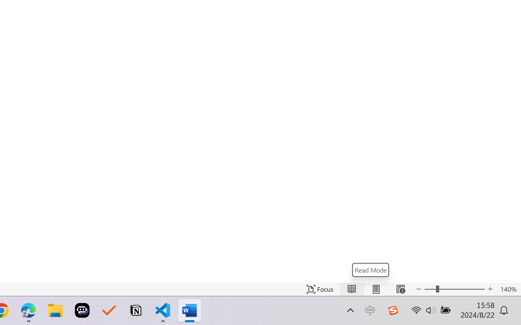  I want to click on 'Read Mode', so click(370, 269).